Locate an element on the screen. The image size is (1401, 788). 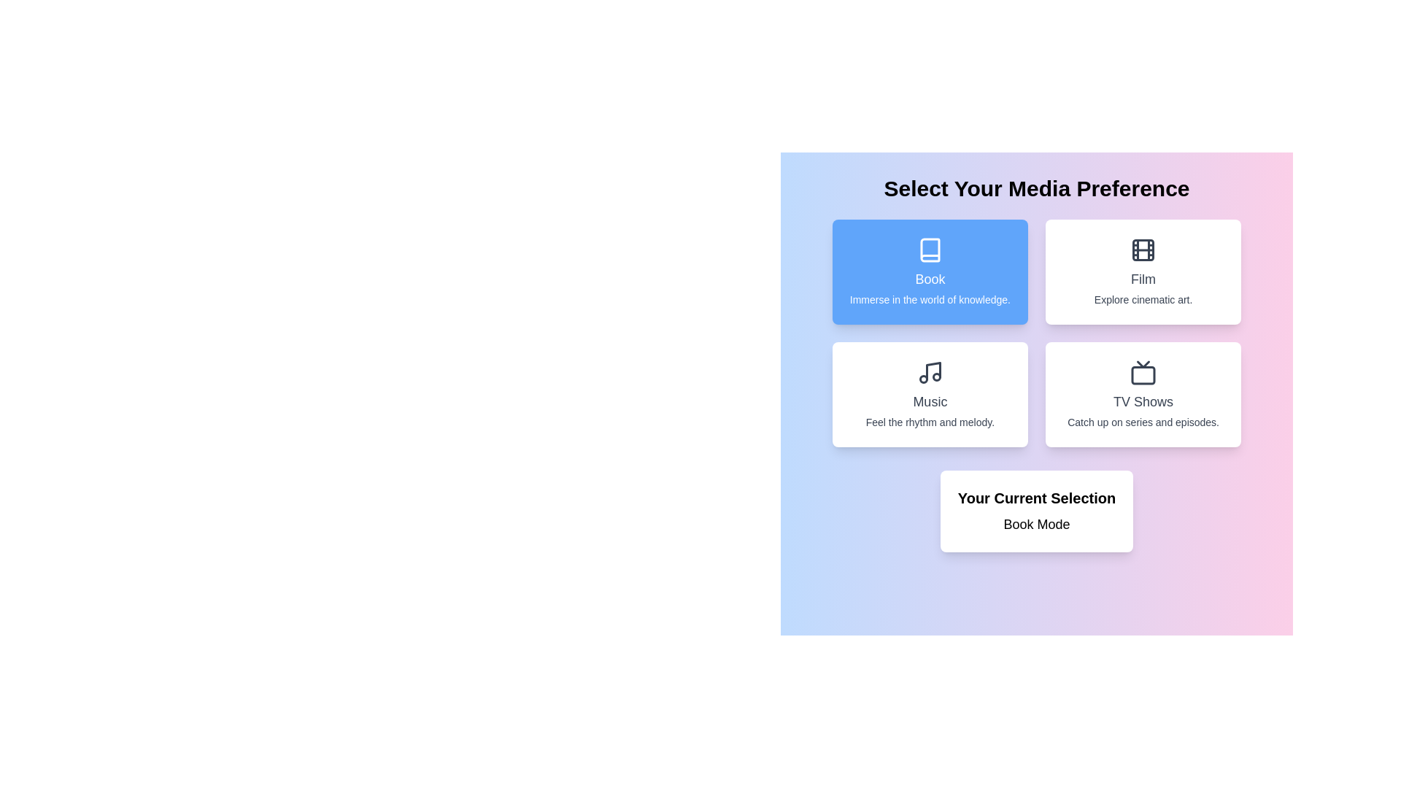
the media preference Film by clicking on its corresponding button is located at coordinates (1143, 272).